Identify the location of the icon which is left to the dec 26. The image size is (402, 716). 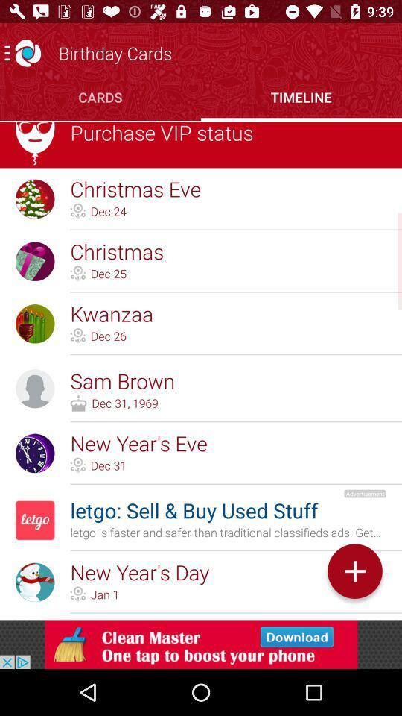
(77, 336).